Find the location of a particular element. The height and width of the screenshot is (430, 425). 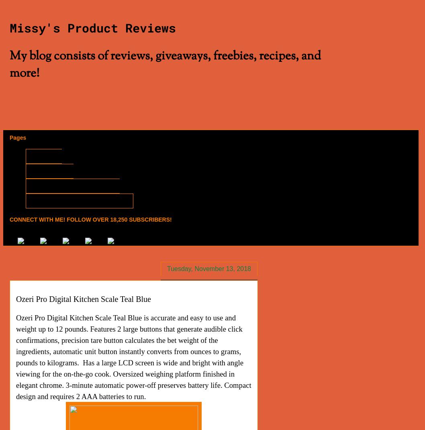

'Ozeri Pro Digital Kitchen Scale Teal Blue' is located at coordinates (16, 299).